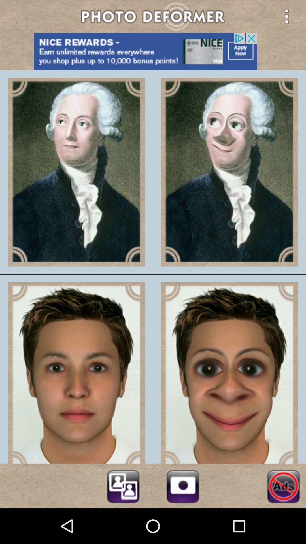  Describe the element at coordinates (183, 485) in the screenshot. I see `photo uploader` at that location.